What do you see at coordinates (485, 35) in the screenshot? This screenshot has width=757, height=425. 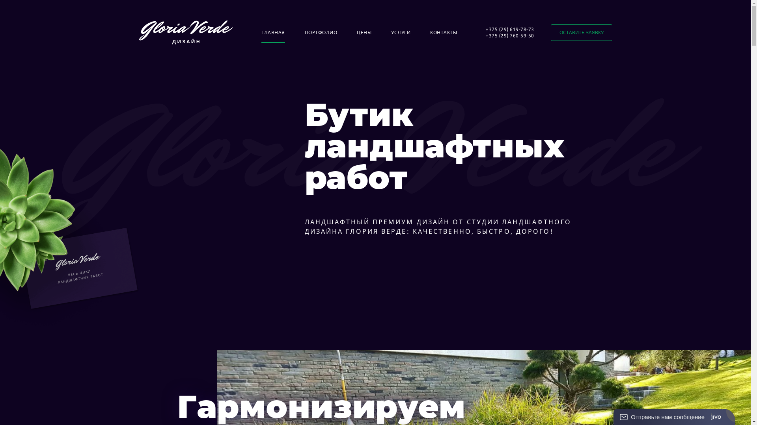 I see `'+375 (29) 760-59-50'` at bounding box center [485, 35].